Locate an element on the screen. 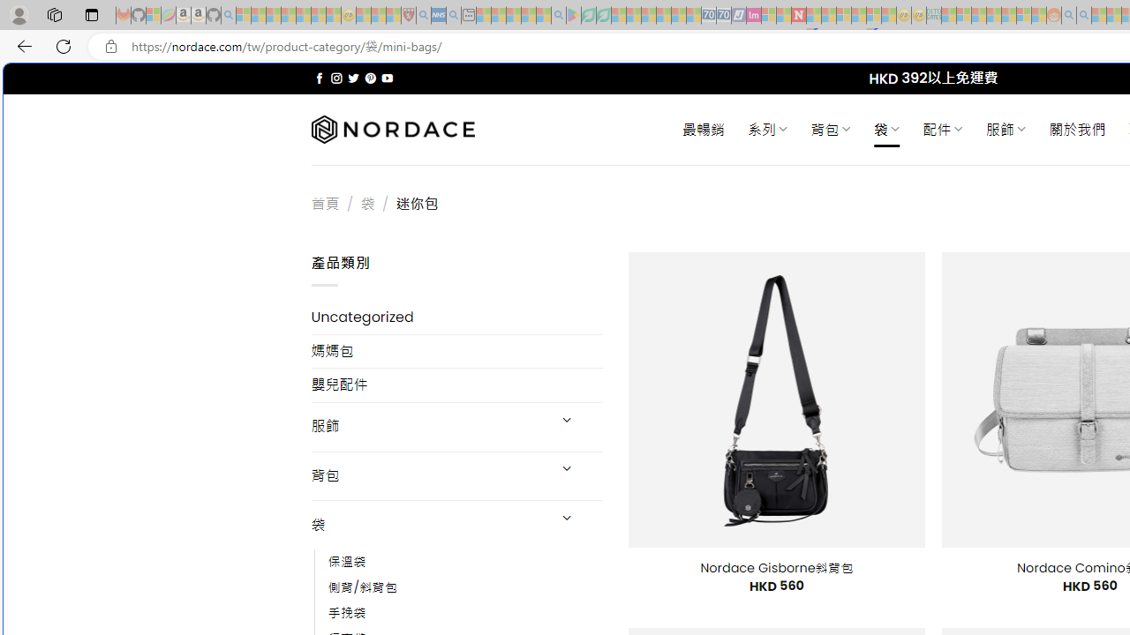 The width and height of the screenshot is (1130, 635). 'Nordace' is located at coordinates (391, 129).